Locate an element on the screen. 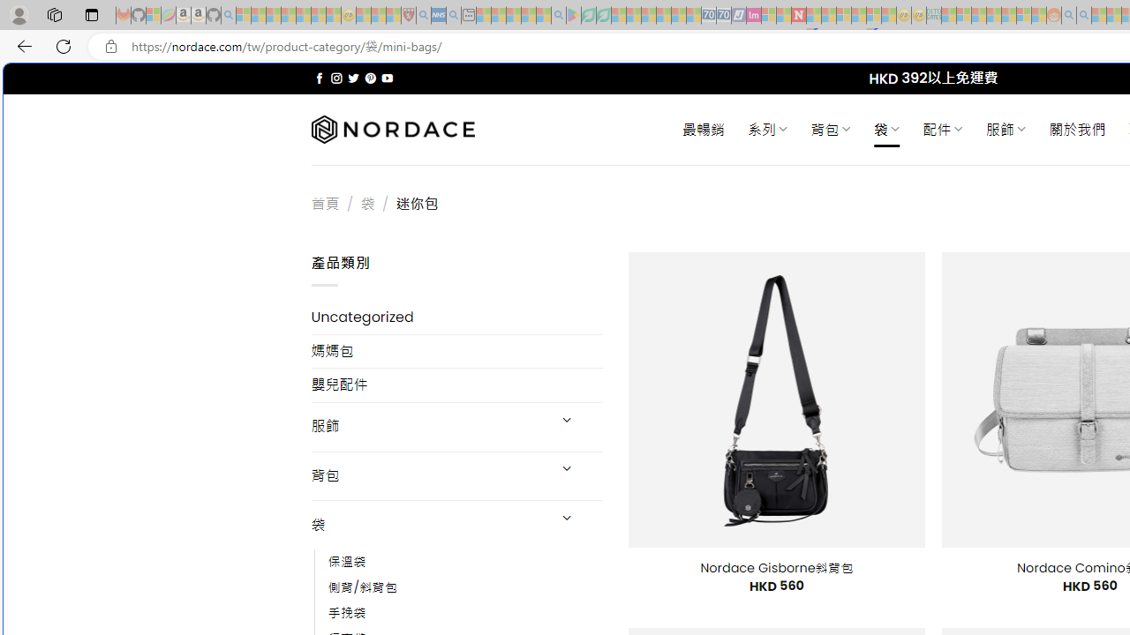 The width and height of the screenshot is (1130, 635). 'Nordace' is located at coordinates (391, 129).